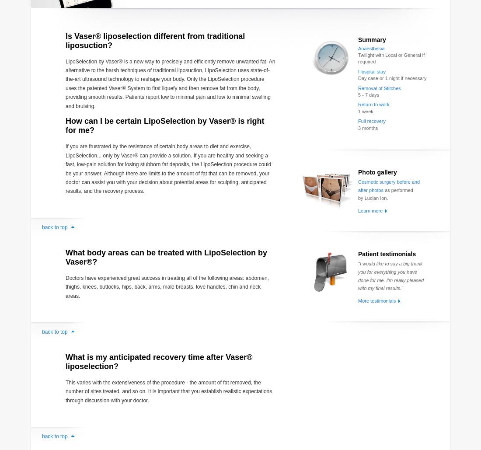 Image resolution: width=481 pixels, height=450 pixels. Describe the element at coordinates (368, 94) in the screenshot. I see `'5 - 7 days'` at that location.